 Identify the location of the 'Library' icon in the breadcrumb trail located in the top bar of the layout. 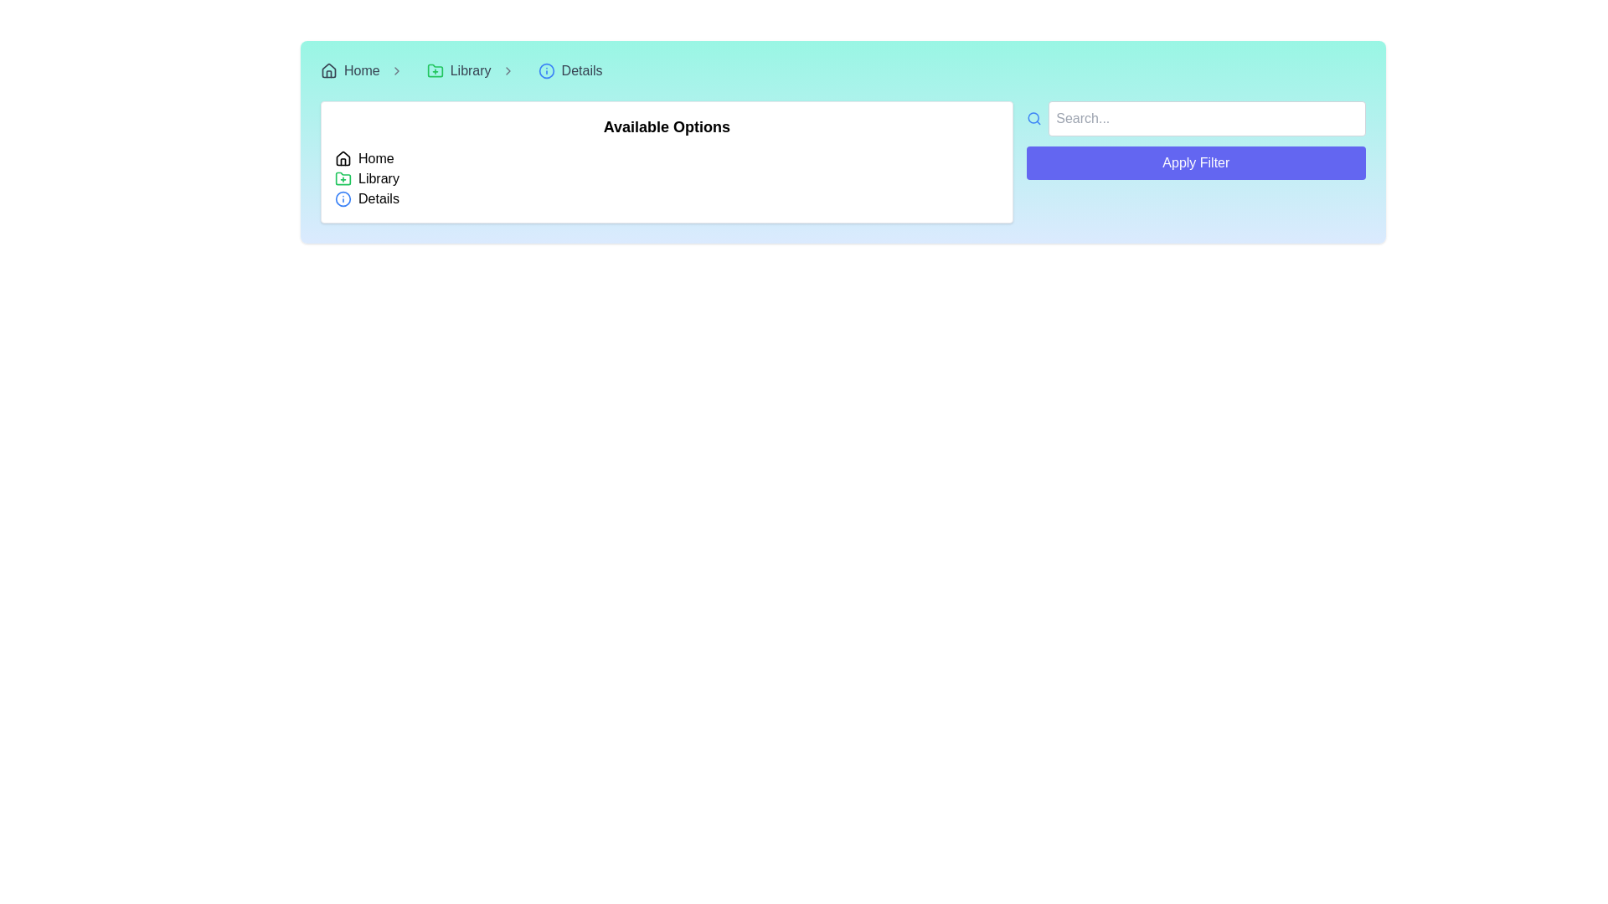
(342, 177).